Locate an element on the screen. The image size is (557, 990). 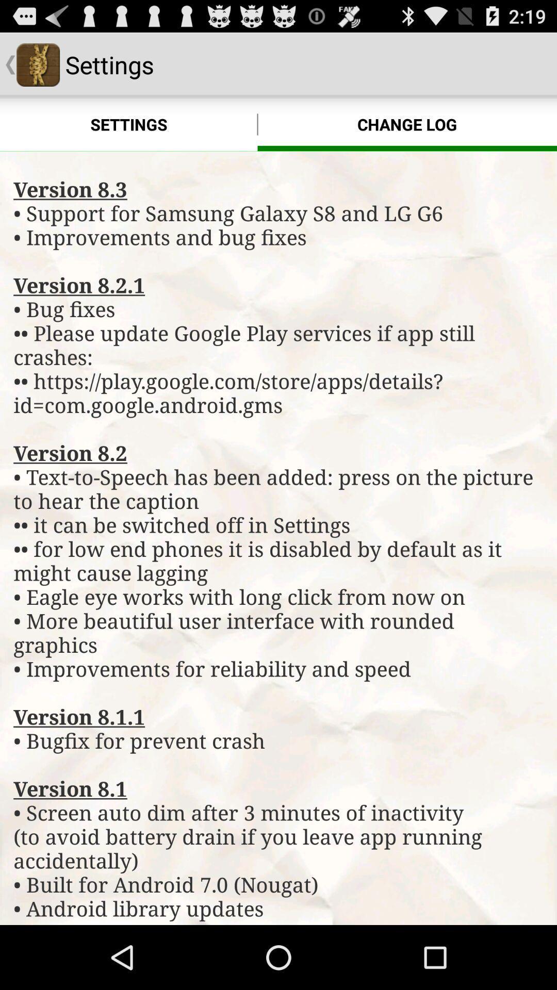
the app to the right of settings item is located at coordinates (406, 124).